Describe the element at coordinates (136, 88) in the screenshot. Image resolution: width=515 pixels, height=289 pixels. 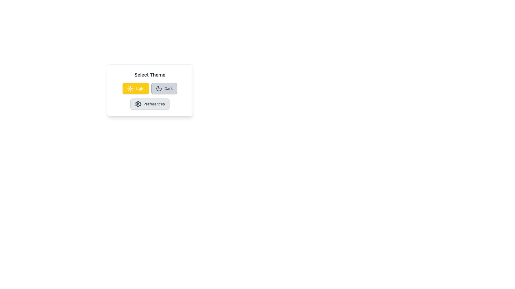
I see `the first button labeled 'Light' with a vibrant yellow background and sun icon` at that location.